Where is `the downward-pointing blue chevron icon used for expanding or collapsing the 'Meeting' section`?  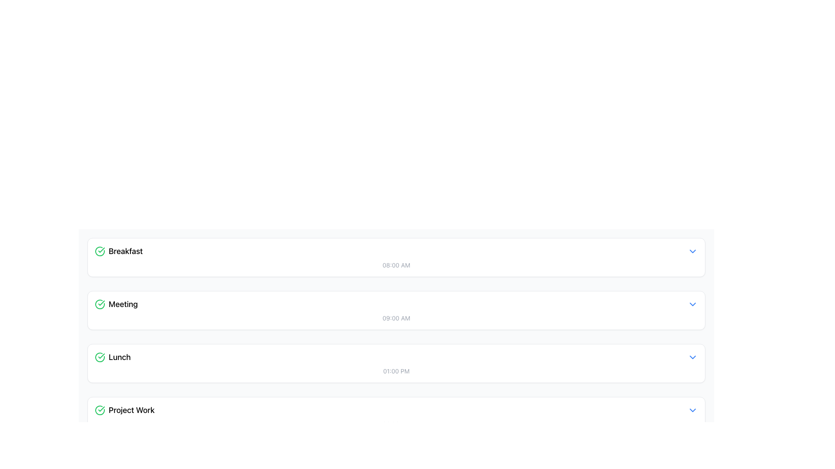 the downward-pointing blue chevron icon used for expanding or collapsing the 'Meeting' section is located at coordinates (692, 304).